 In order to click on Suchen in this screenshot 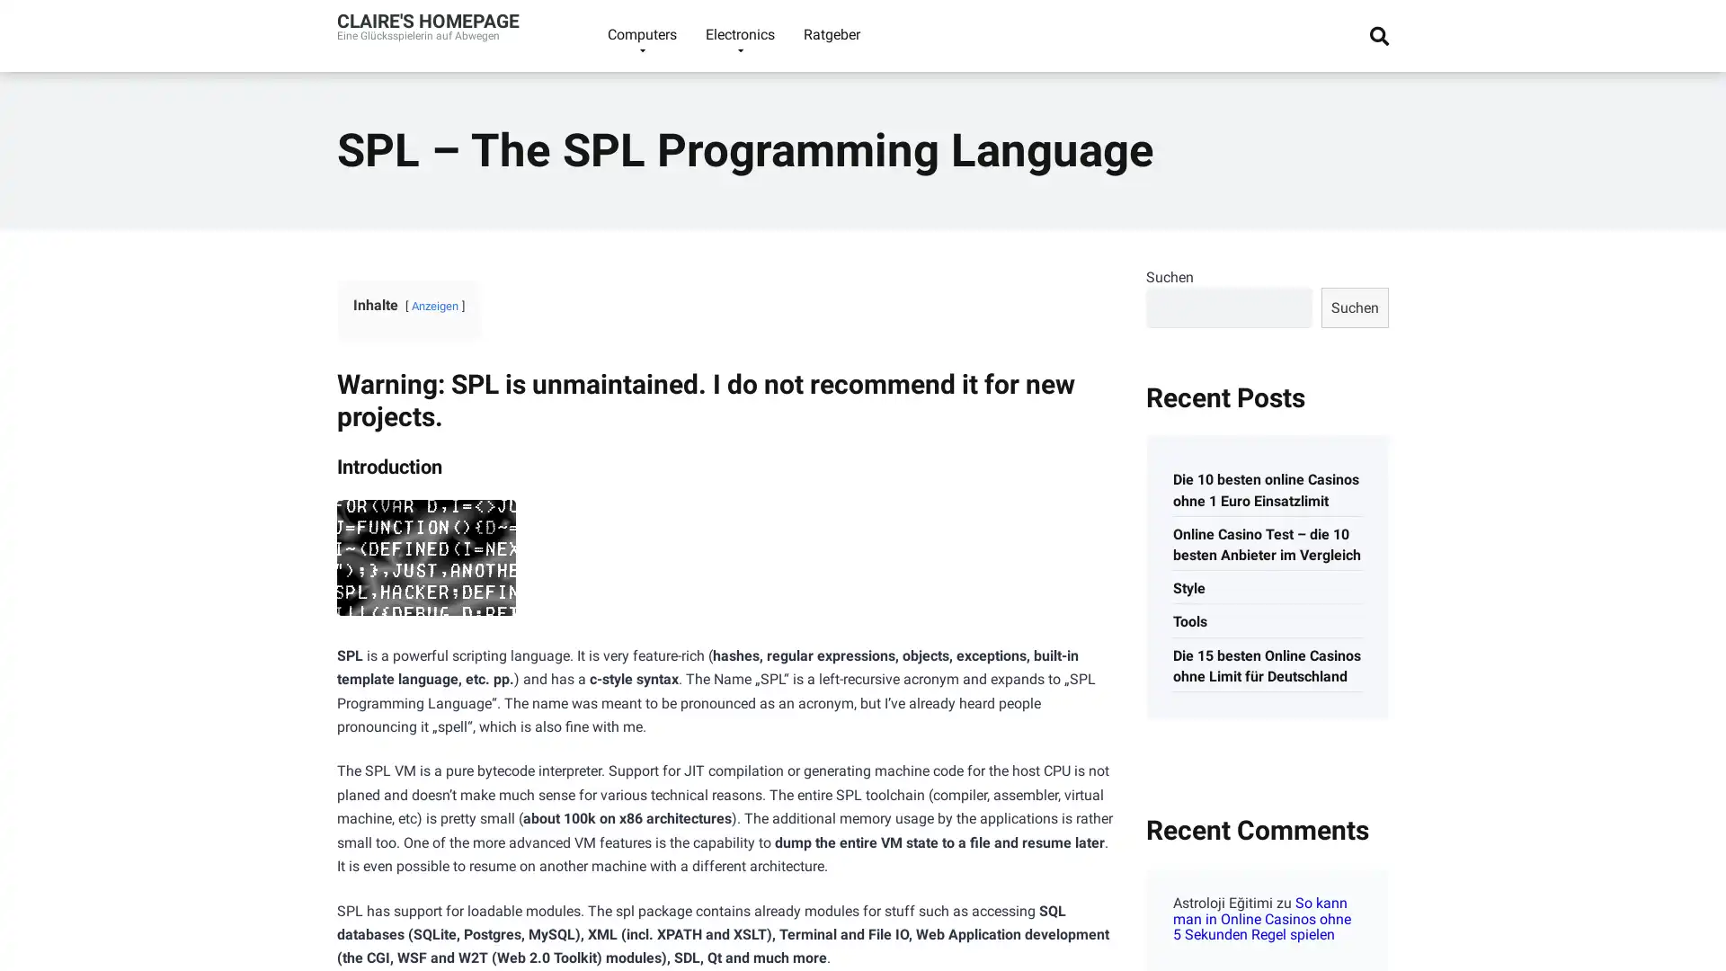, I will do `click(1355, 306)`.